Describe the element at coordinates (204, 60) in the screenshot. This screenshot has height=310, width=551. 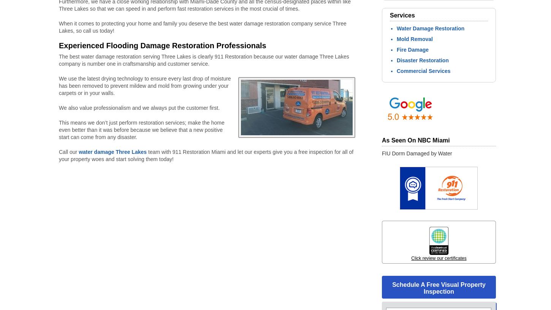
I see `'The best water damage restoration serving Three Lakes is clearly 911 Restoration because our water damage Three Lakes company is number one in craftsmanship and customer service.'` at that location.